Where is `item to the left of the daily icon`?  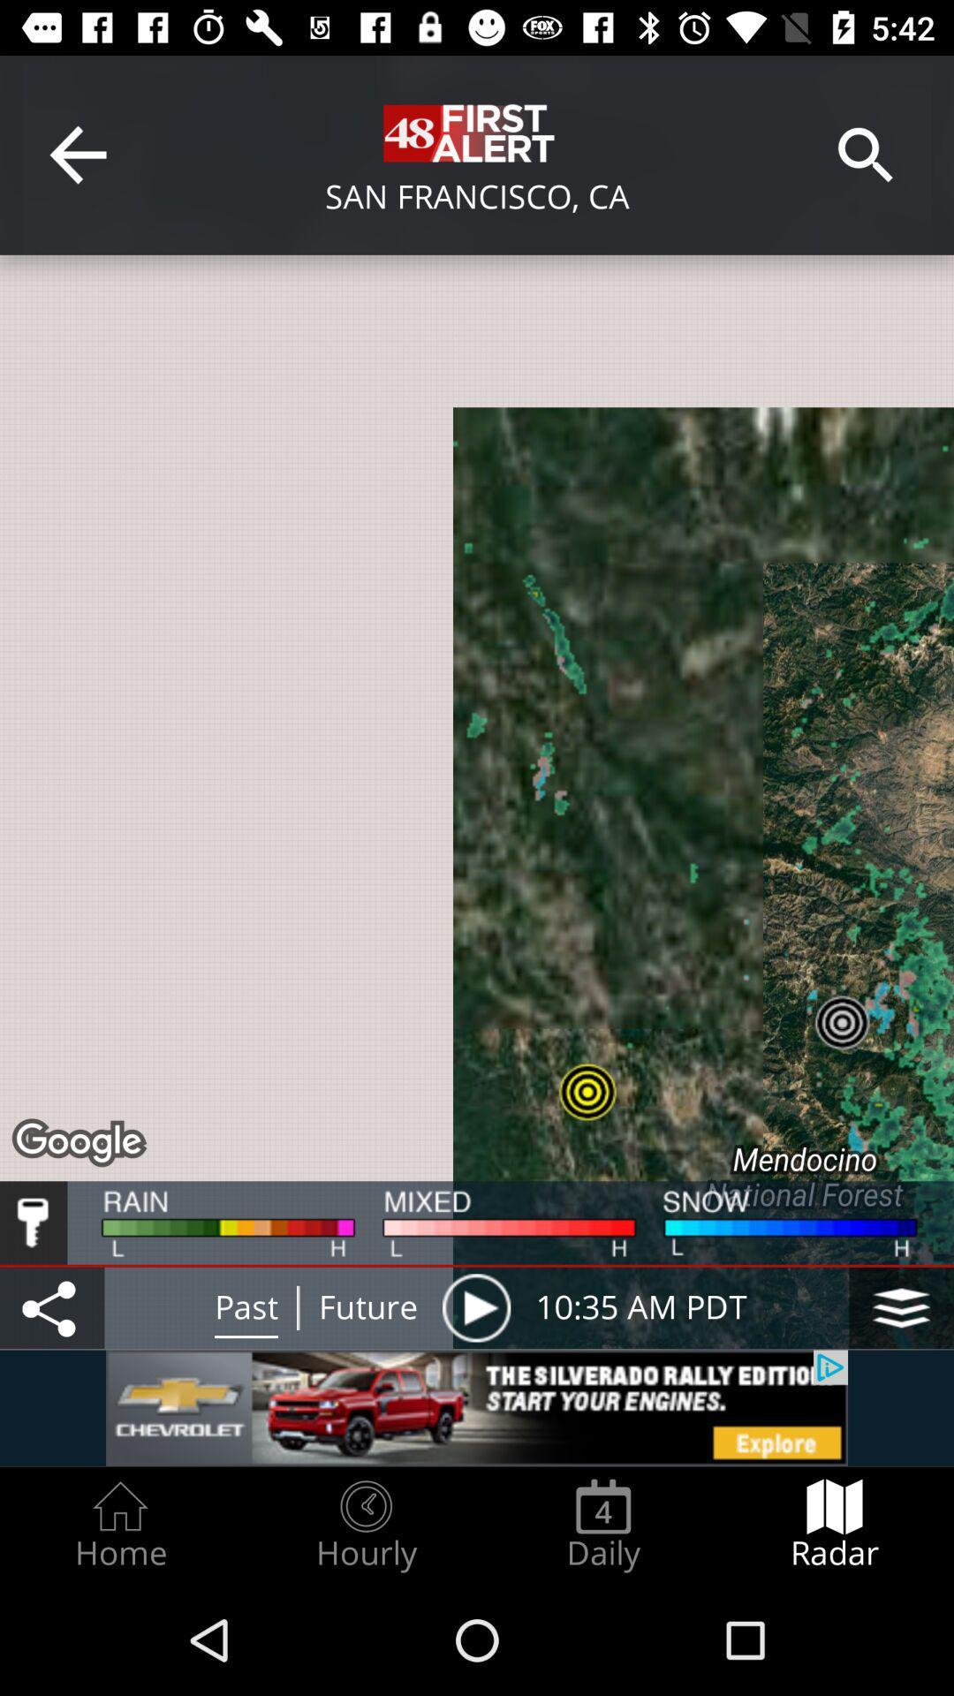 item to the left of the daily icon is located at coordinates (365, 1525).